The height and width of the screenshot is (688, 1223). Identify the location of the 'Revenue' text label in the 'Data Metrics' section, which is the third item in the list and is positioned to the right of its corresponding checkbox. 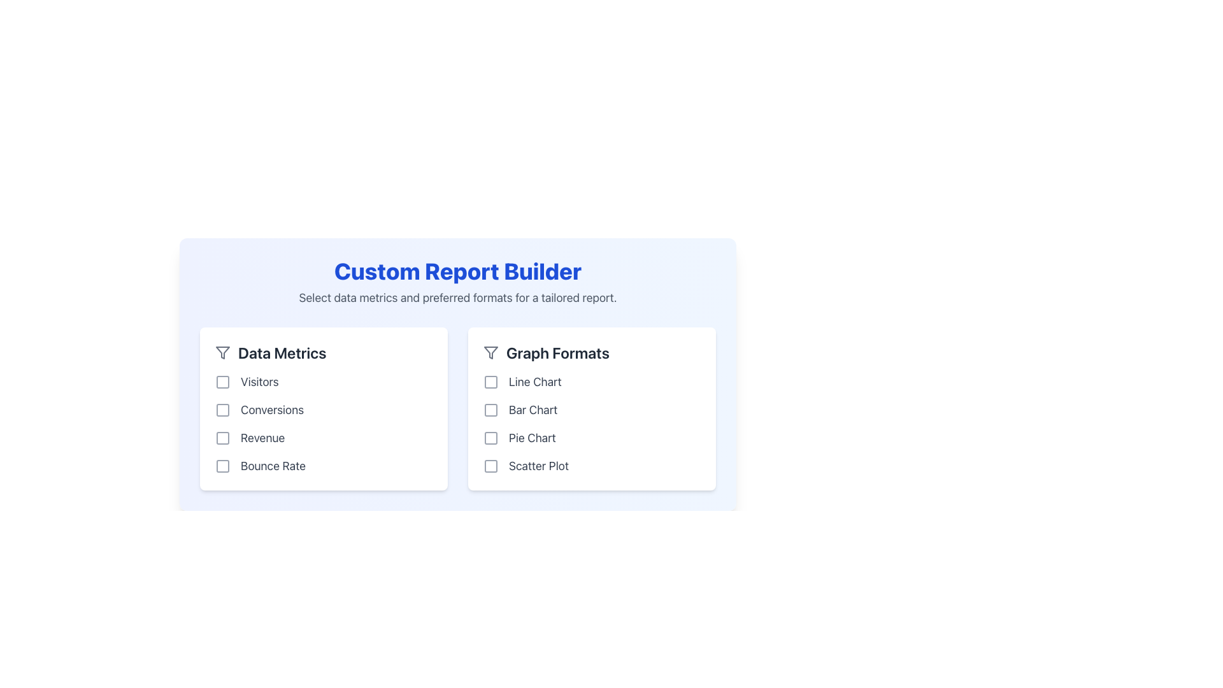
(262, 437).